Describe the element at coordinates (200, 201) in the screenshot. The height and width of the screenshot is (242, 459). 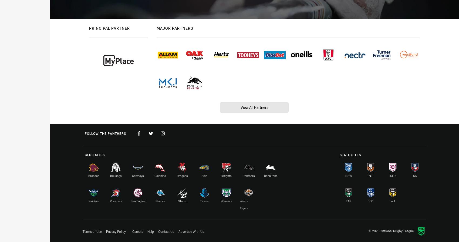
I see `'Titans'` at that location.